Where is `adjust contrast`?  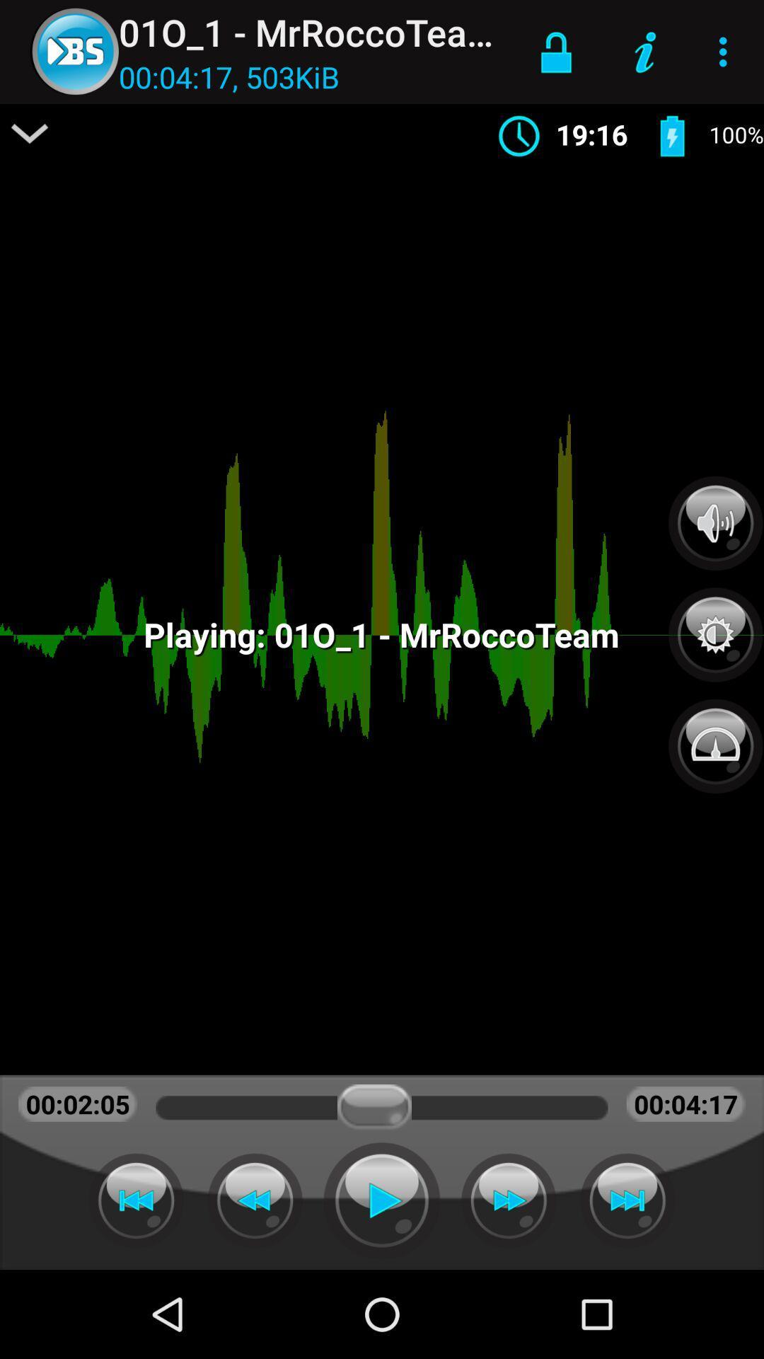
adjust contrast is located at coordinates (715, 626).